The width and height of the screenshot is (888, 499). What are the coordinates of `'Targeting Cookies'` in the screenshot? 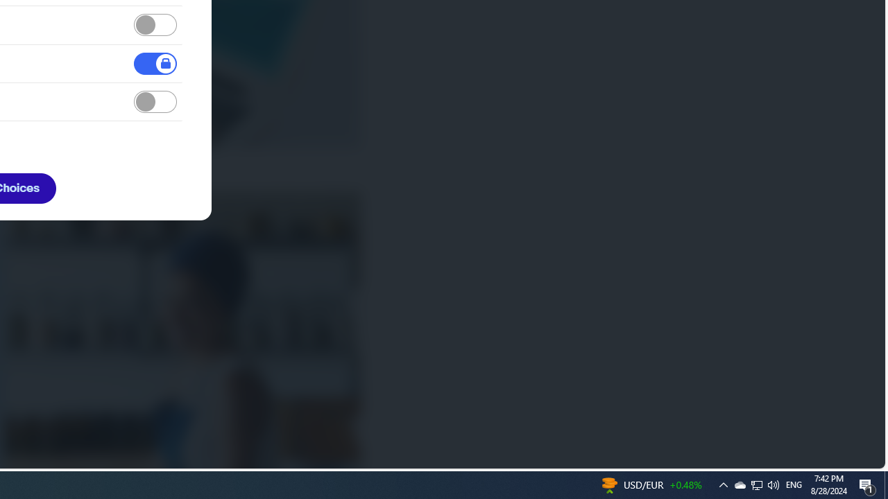 It's located at (155, 101).